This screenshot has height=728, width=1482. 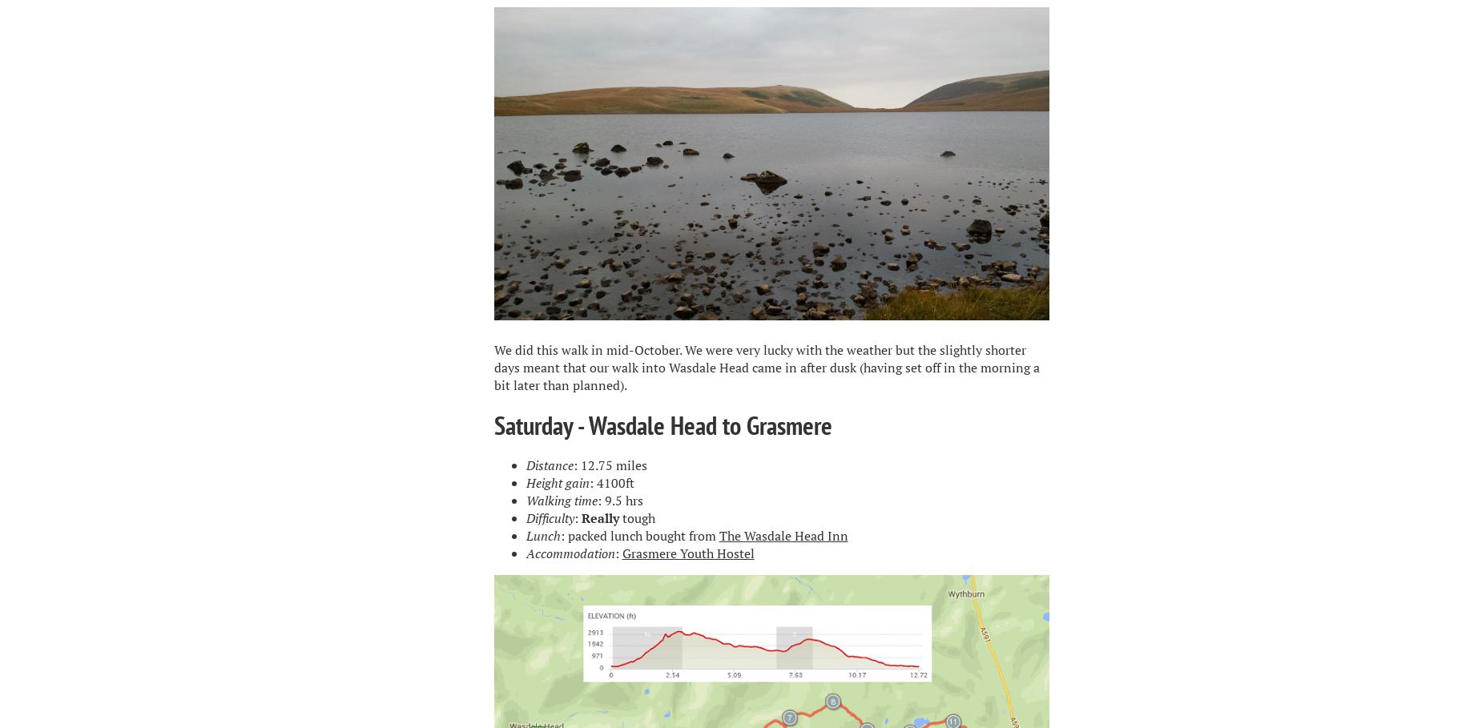 What do you see at coordinates (596, 500) in the screenshot?
I see `': 9.5 hrs'` at bounding box center [596, 500].